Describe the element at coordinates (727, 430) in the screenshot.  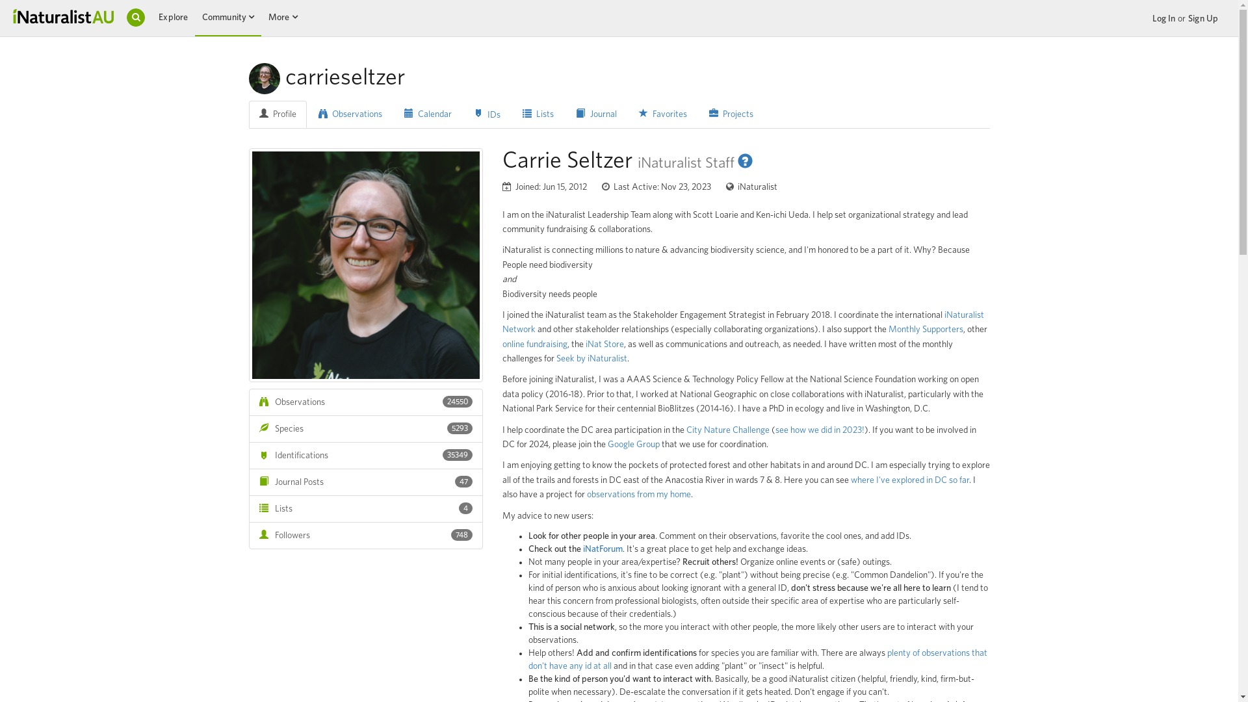
I see `'City Nature Challenge'` at that location.